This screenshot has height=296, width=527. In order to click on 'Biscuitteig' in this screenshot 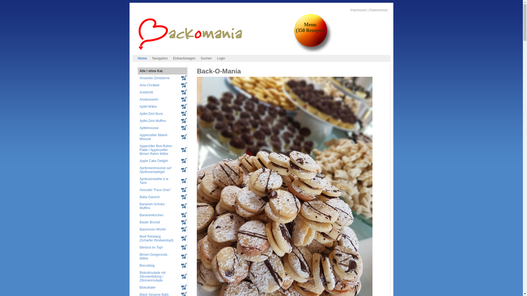, I will do `click(147, 265)`.